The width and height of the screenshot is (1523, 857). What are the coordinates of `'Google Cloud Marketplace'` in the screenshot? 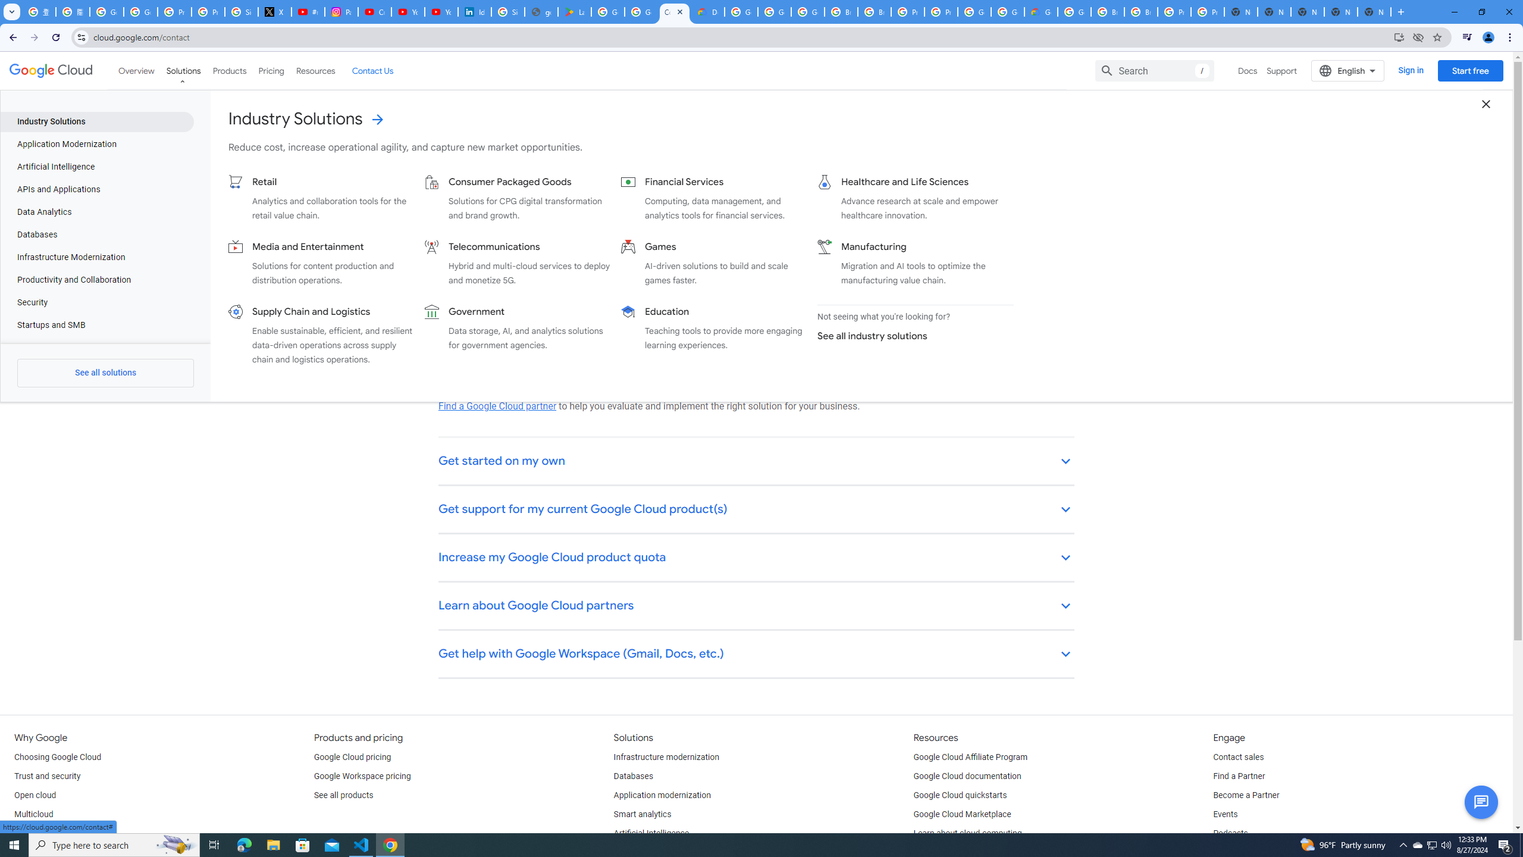 It's located at (962, 814).